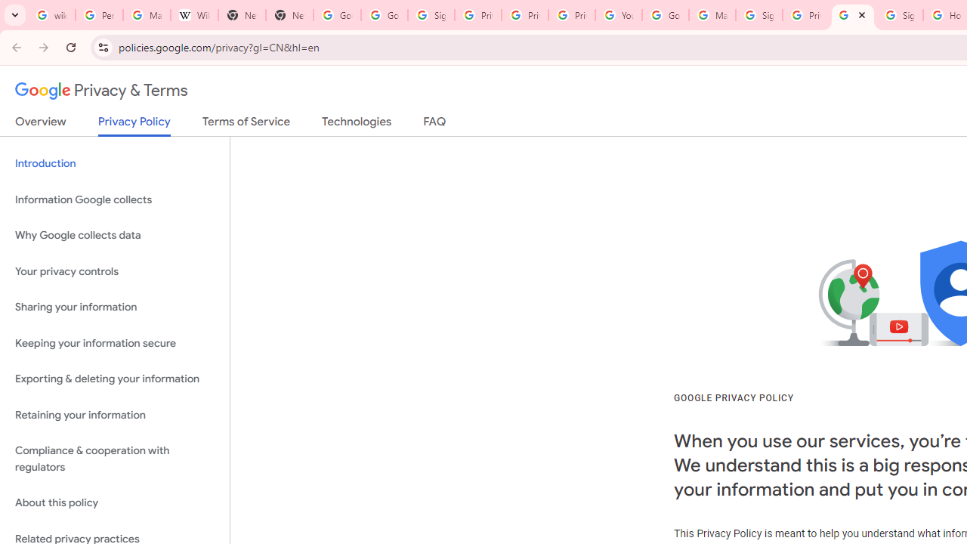  Describe the element at coordinates (758, 15) in the screenshot. I see `'Sign in - Google Accounts'` at that location.